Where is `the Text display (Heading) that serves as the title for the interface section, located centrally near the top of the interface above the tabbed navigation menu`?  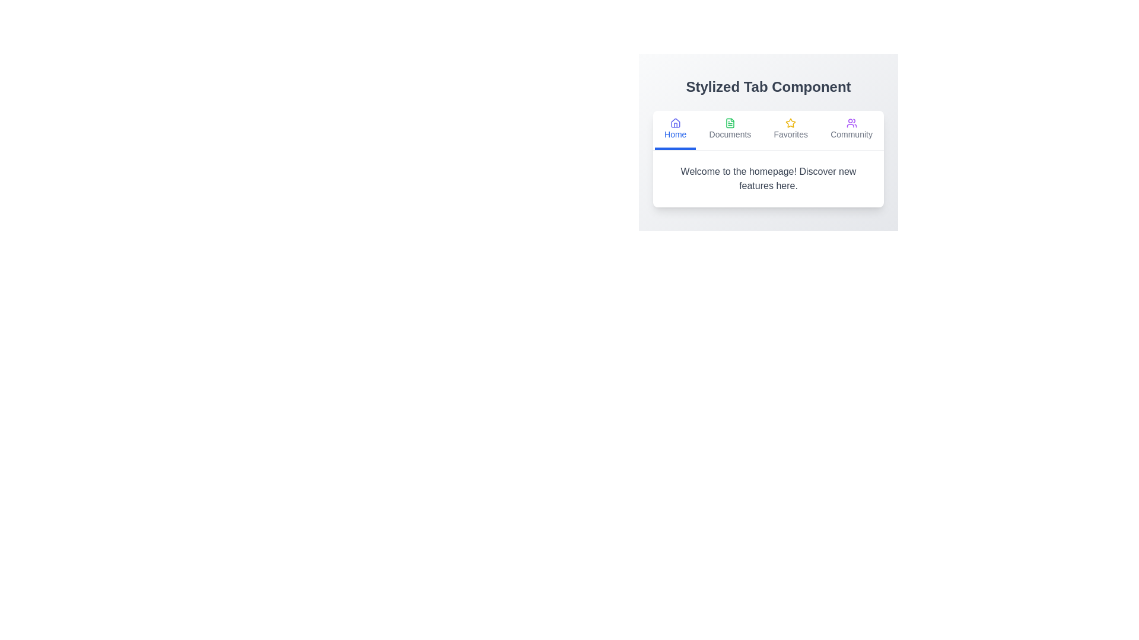 the Text display (Heading) that serves as the title for the interface section, located centrally near the top of the interface above the tabbed navigation menu is located at coordinates (768, 86).